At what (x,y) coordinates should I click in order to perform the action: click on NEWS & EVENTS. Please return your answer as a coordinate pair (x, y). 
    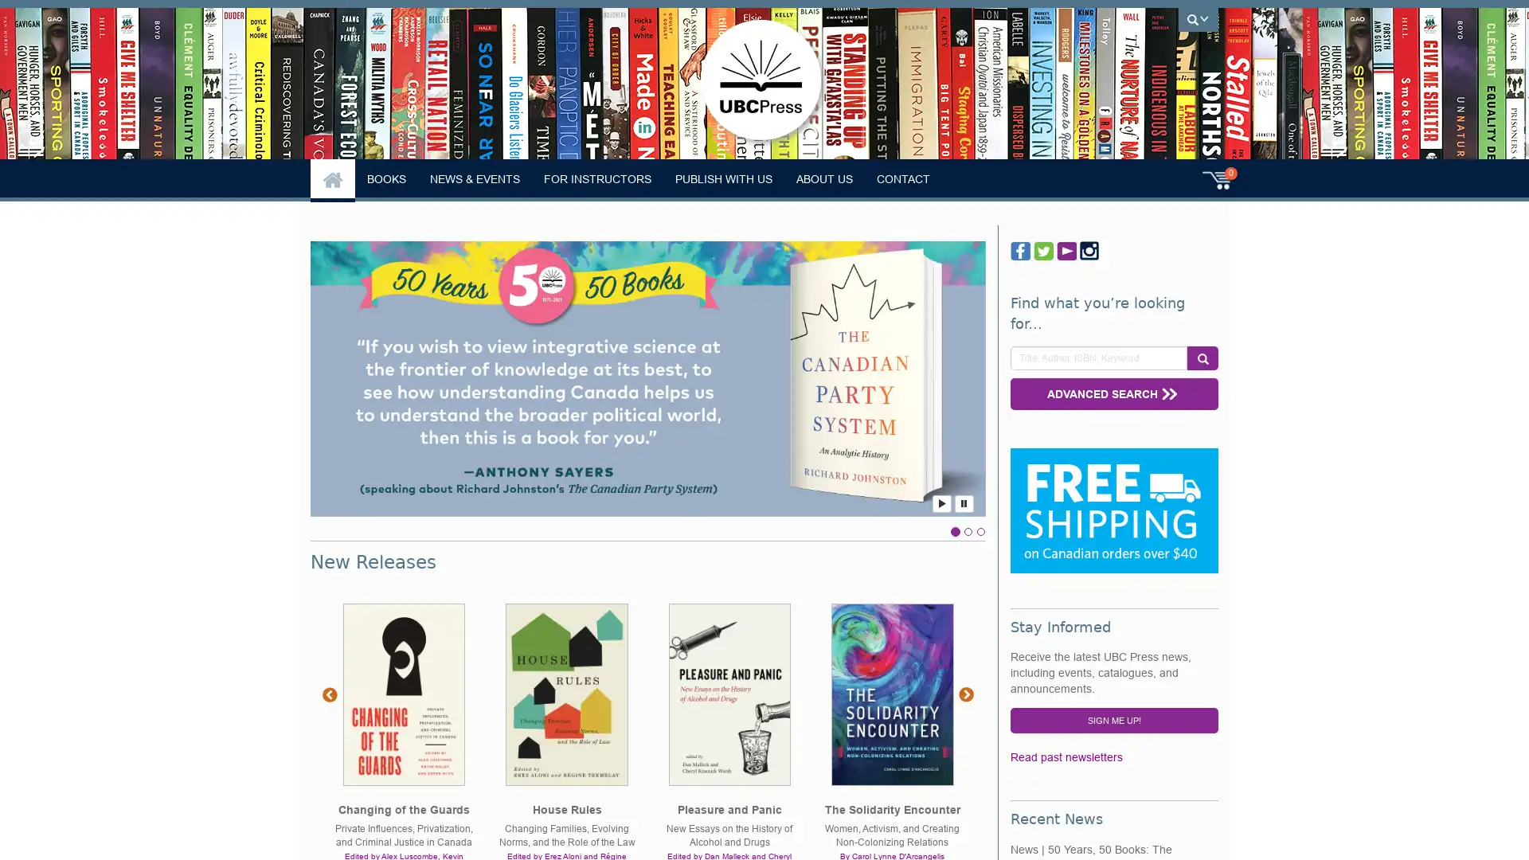
    Looking at the image, I should click on (474, 178).